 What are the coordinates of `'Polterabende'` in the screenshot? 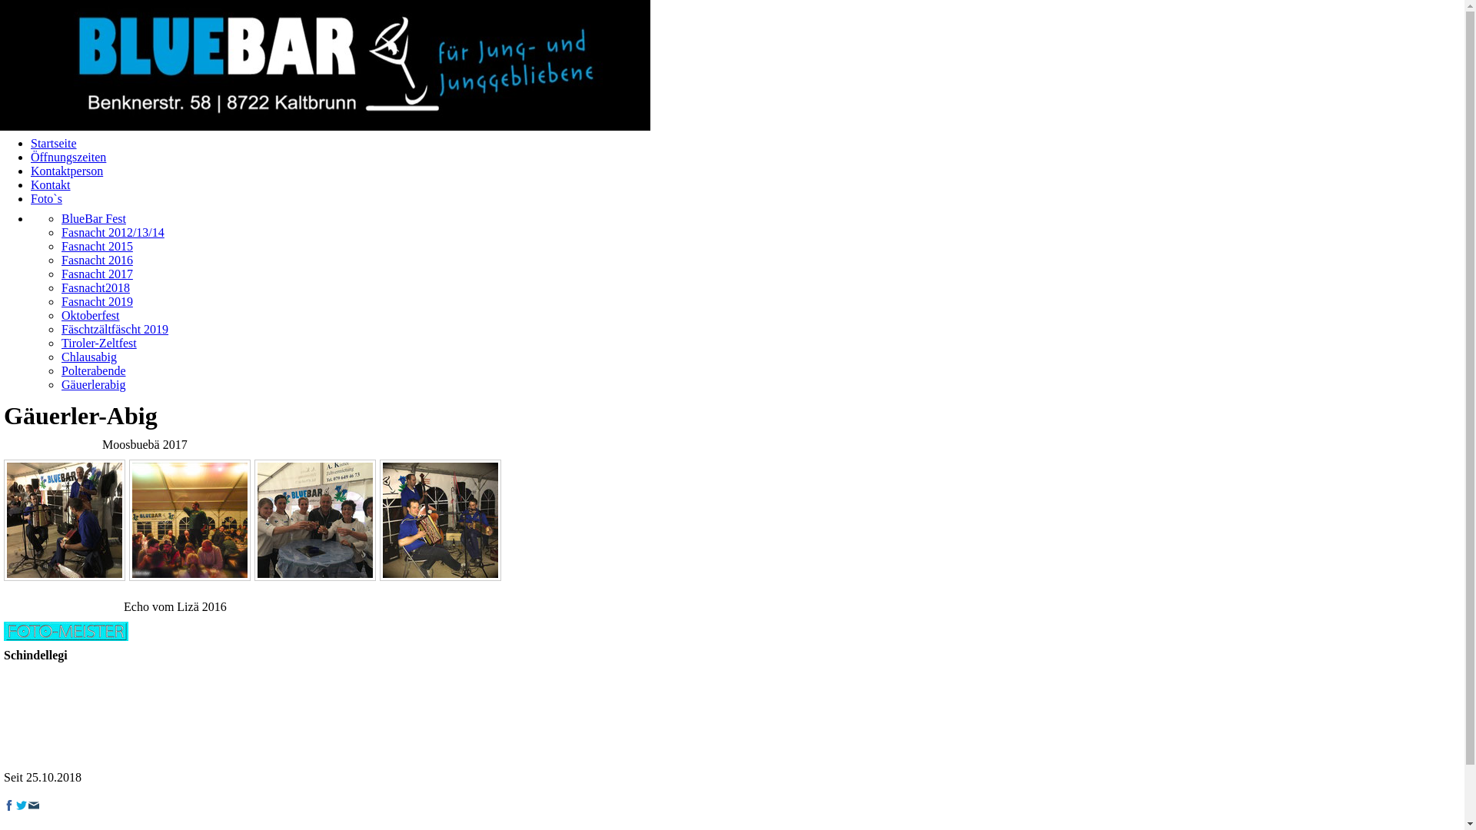 It's located at (92, 370).